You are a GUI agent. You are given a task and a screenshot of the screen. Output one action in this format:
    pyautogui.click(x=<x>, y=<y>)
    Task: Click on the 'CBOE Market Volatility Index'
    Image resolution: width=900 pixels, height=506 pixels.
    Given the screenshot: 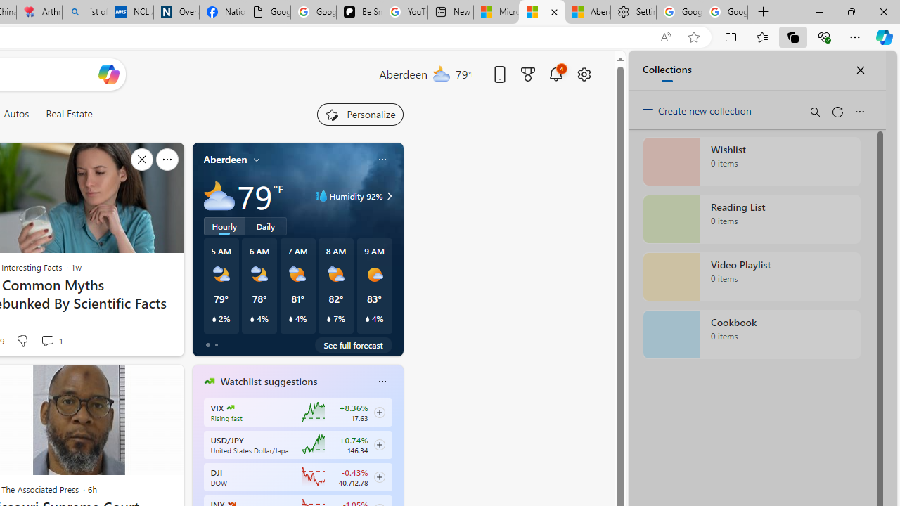 What is the action you would take?
    pyautogui.click(x=231, y=407)
    